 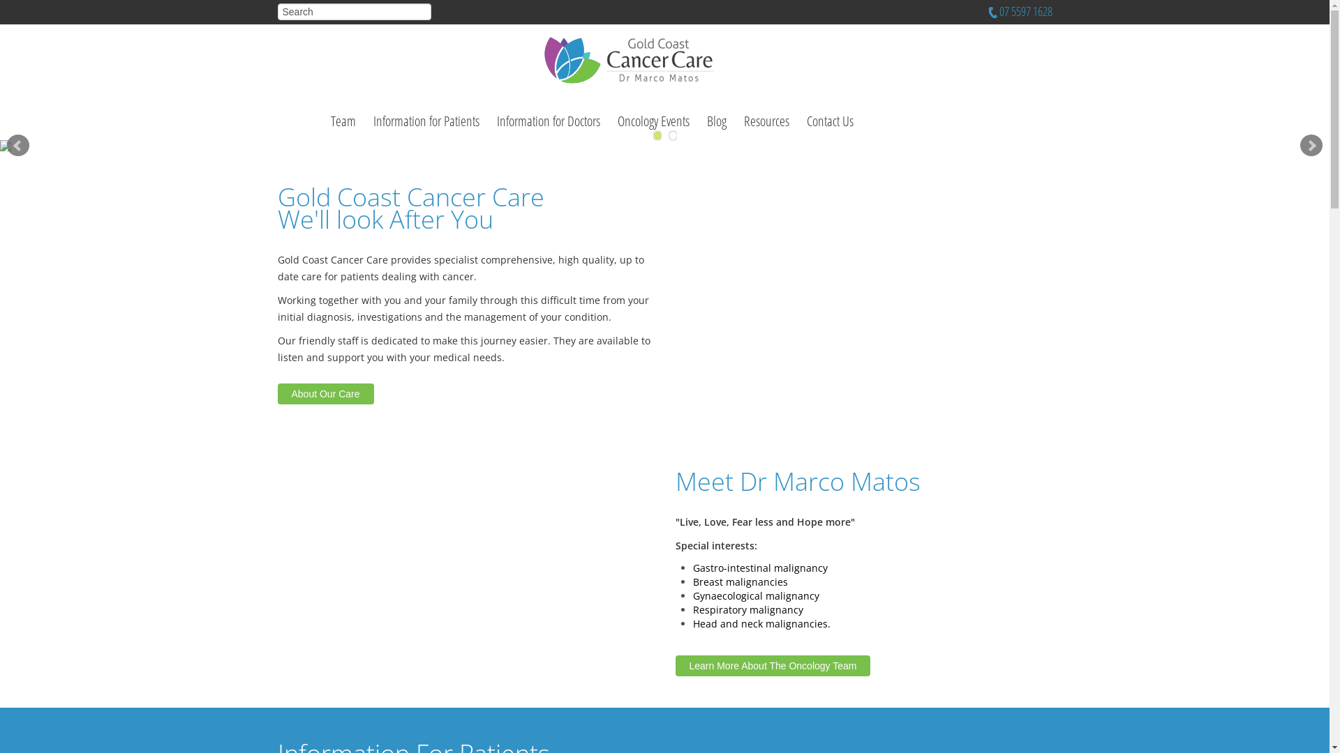 What do you see at coordinates (676, 664) in the screenshot?
I see `'Learn More About The Oncology Team'` at bounding box center [676, 664].